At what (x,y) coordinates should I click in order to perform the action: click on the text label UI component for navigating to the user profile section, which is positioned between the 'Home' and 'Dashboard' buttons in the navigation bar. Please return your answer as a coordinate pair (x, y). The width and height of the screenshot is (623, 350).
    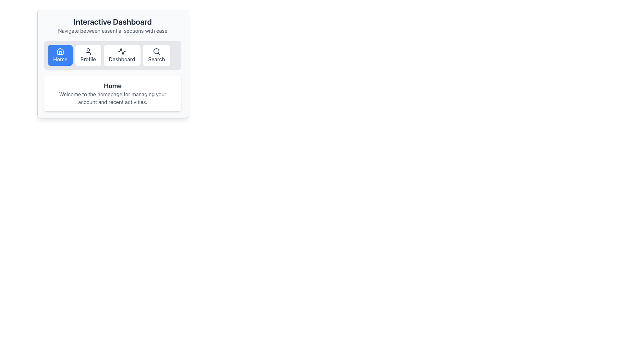
    Looking at the image, I should click on (88, 59).